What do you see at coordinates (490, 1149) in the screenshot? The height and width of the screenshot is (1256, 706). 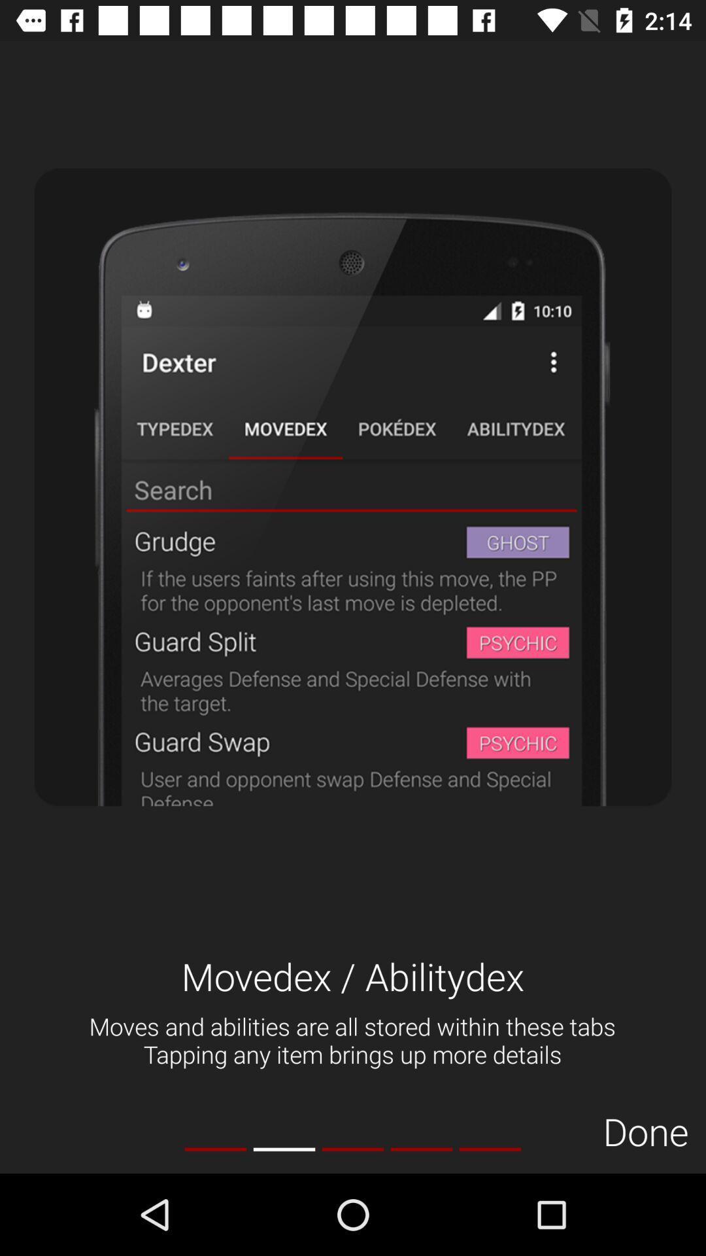 I see `icon below moves and abilities app` at bounding box center [490, 1149].